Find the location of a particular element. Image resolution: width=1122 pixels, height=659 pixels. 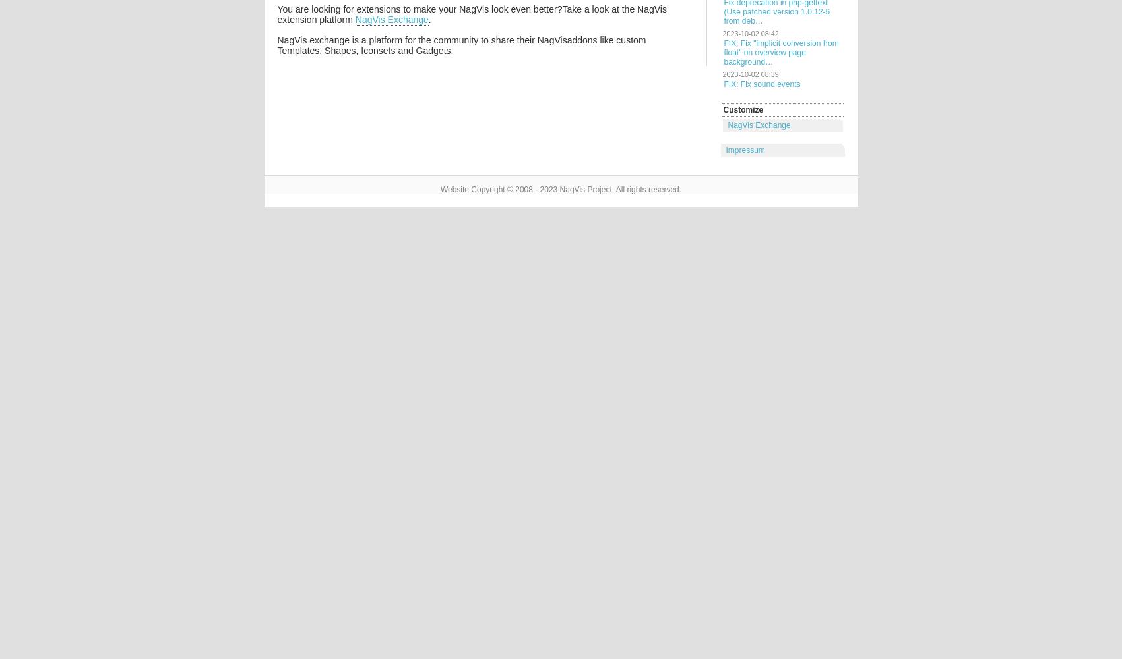

'FIX: Fix sound events' is located at coordinates (722, 84).